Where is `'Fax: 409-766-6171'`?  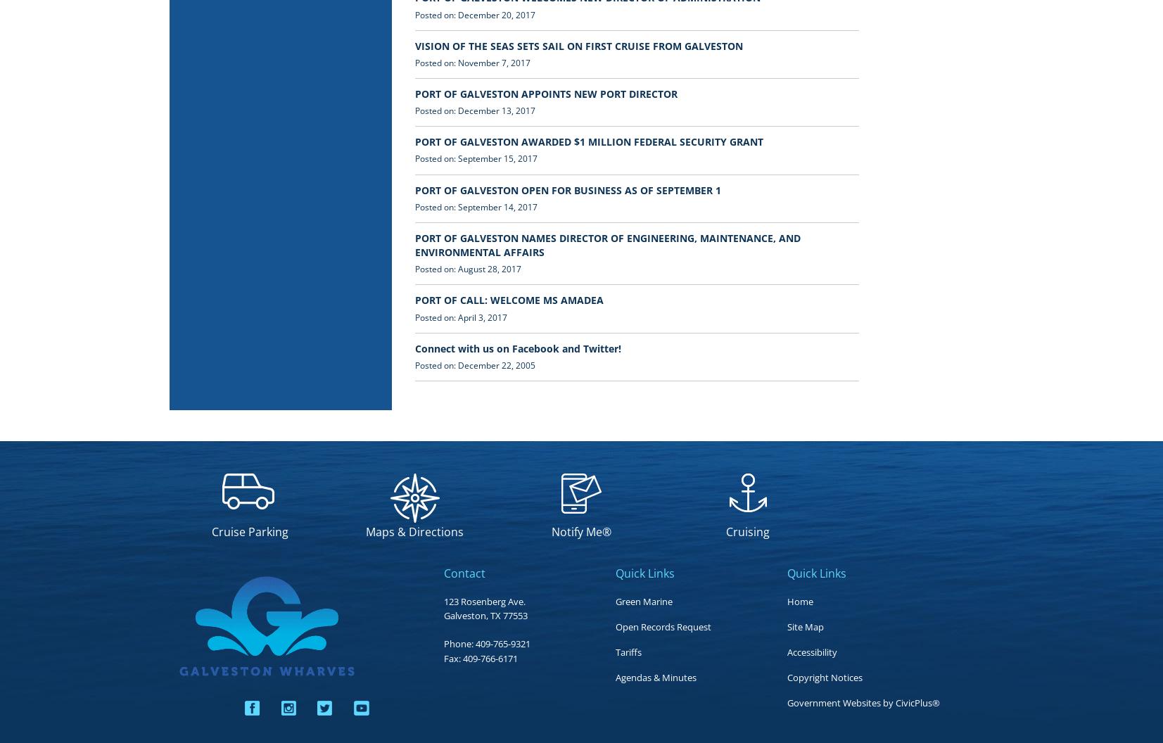 'Fax: 409-766-6171' is located at coordinates (443, 657).